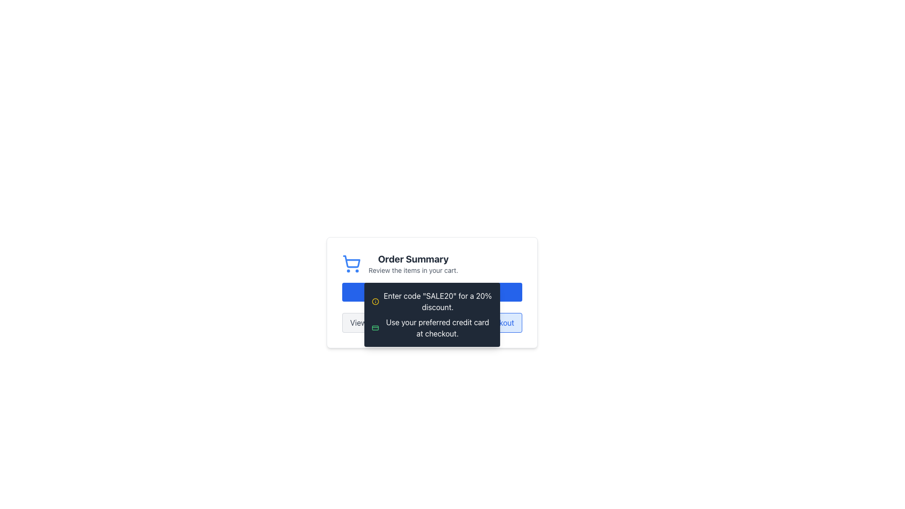 The width and height of the screenshot is (905, 509). Describe the element at coordinates (431, 327) in the screenshot. I see `second text line in the pop-up box that instructs users to use their preferred credit card during checkout, located beneath the line stating 'Enter code "SALE20" for a 20% discount.'` at that location.